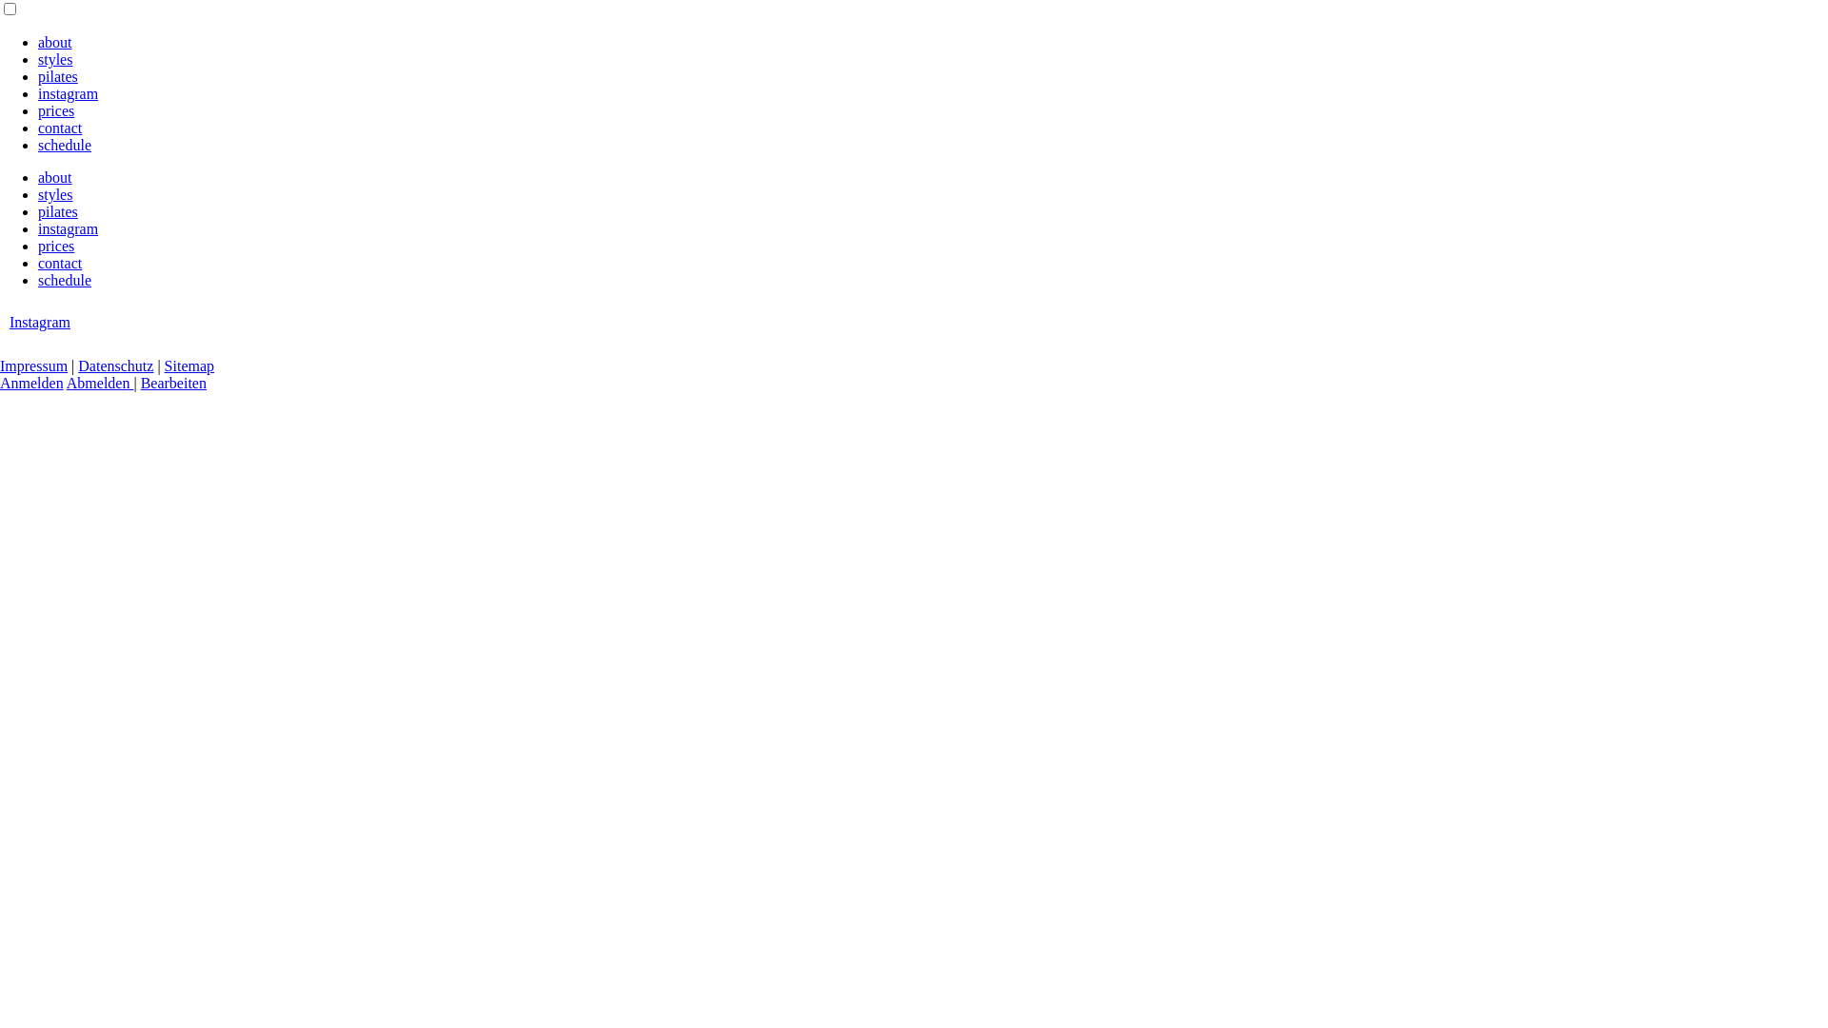 This screenshot has height=1028, width=1828. Describe the element at coordinates (58, 211) in the screenshot. I see `'pilates'` at that location.